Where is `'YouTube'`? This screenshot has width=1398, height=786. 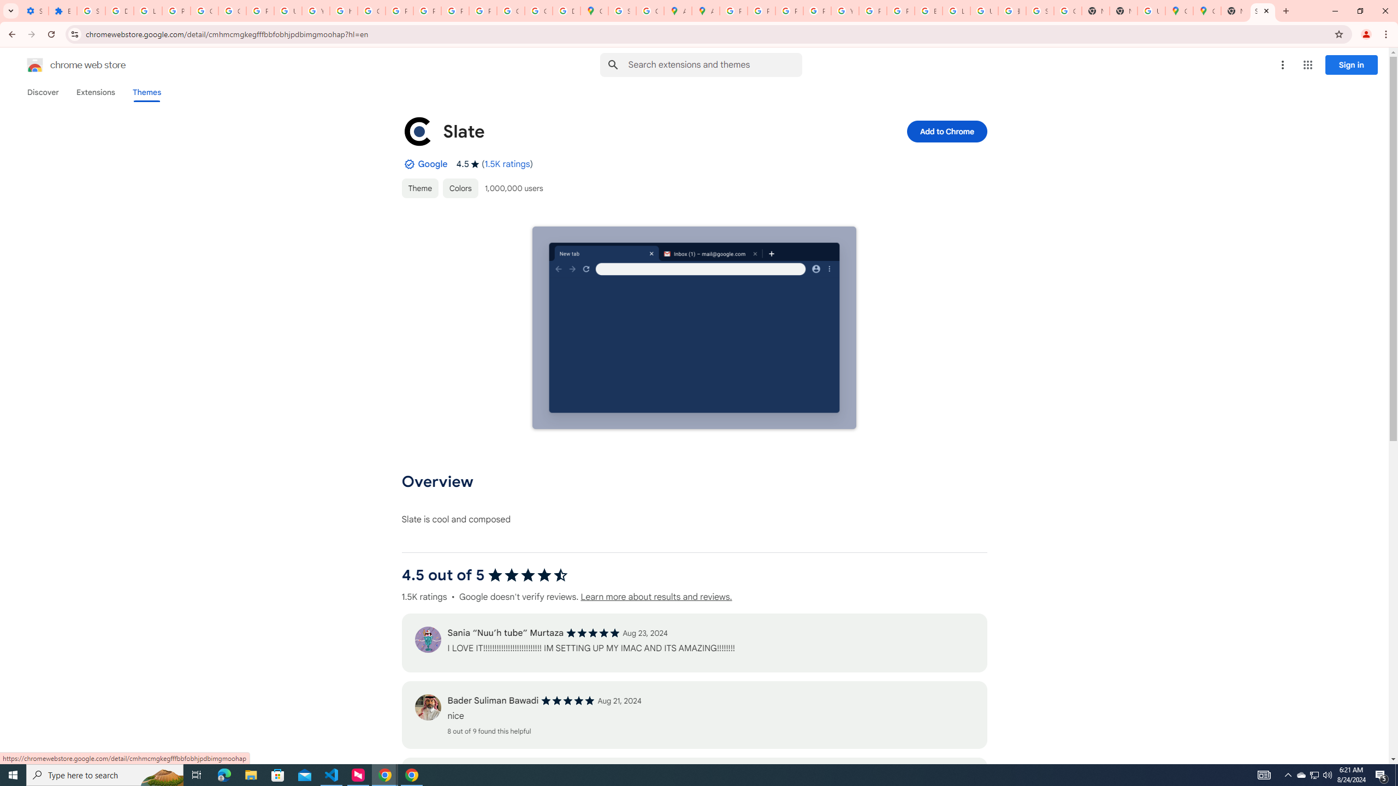
'YouTube' is located at coordinates (315, 10).